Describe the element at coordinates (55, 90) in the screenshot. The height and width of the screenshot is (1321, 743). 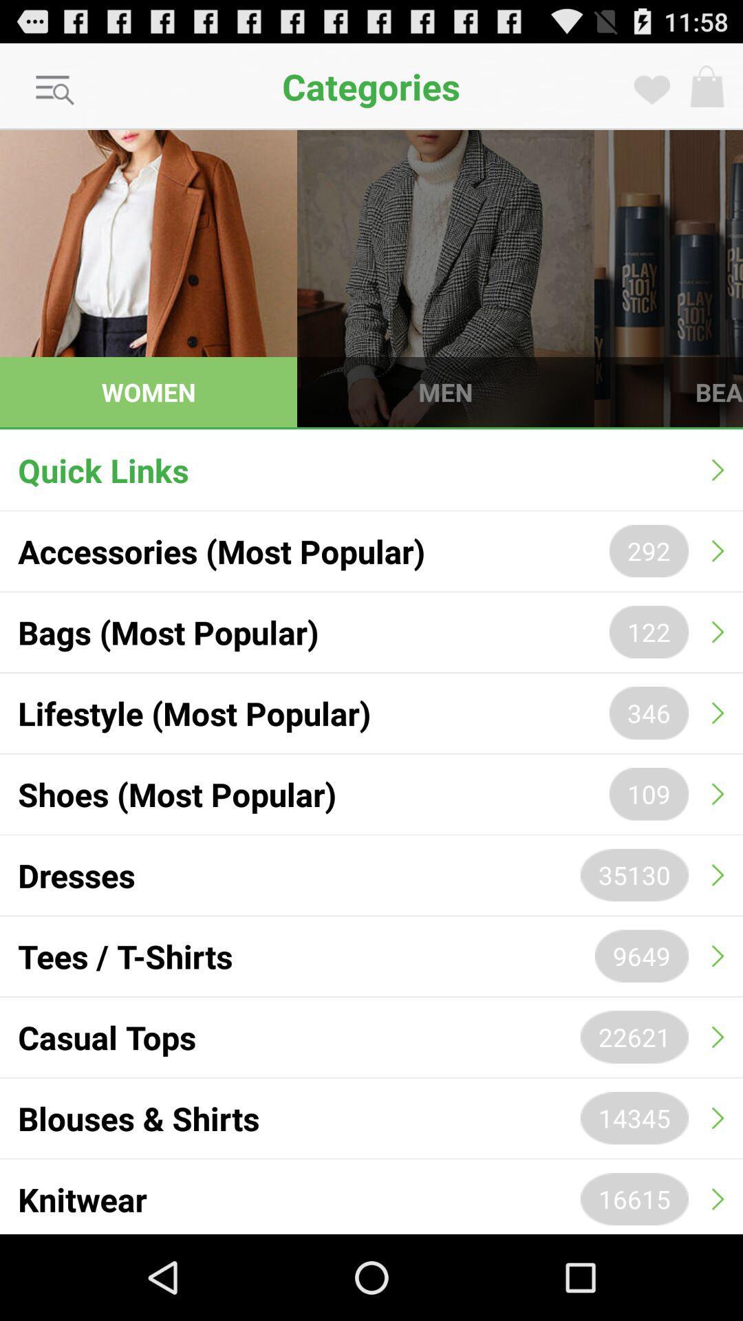
I see `explore menu options` at that location.